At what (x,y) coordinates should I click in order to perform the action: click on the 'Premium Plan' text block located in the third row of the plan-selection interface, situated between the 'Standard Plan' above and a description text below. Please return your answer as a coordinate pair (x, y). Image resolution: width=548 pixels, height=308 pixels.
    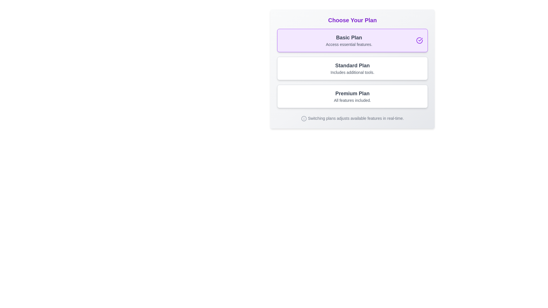
    Looking at the image, I should click on (352, 96).